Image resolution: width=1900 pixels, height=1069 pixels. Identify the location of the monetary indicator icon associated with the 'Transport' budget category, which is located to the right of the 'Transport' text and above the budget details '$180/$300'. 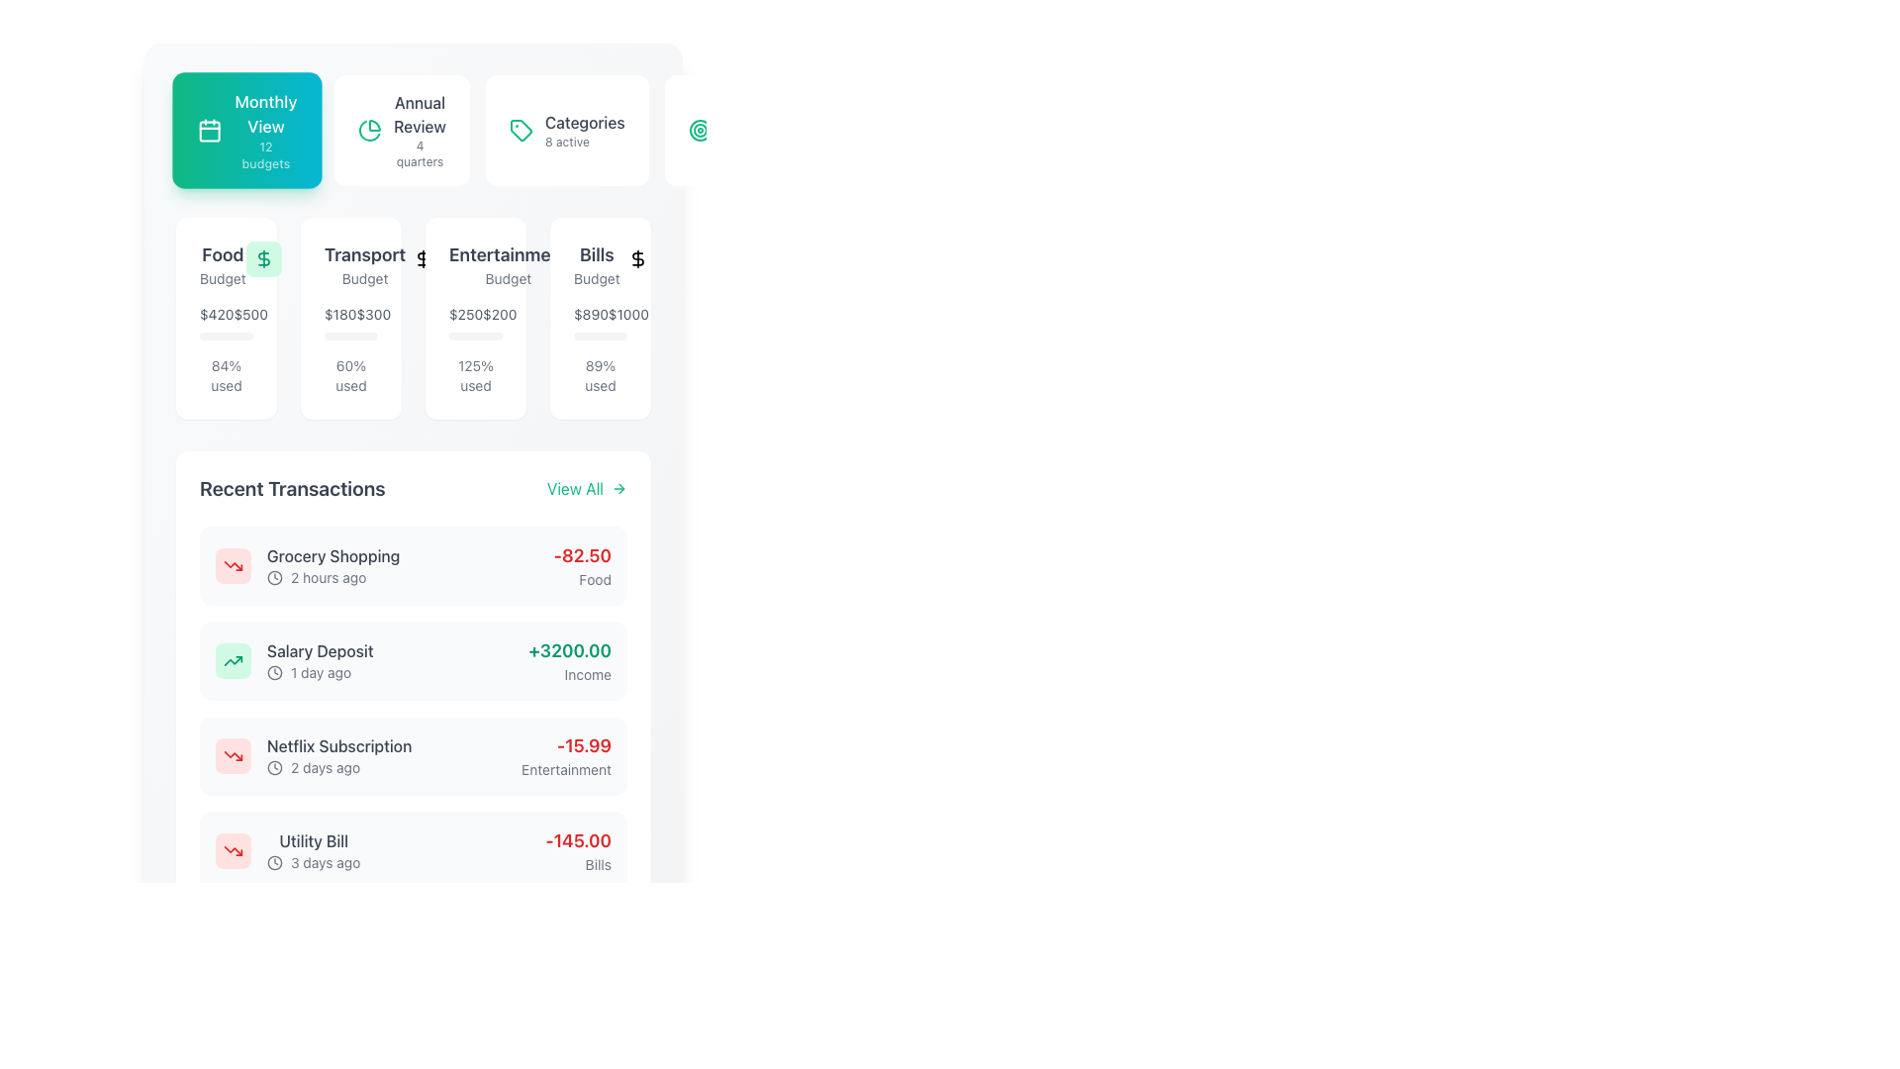
(423, 258).